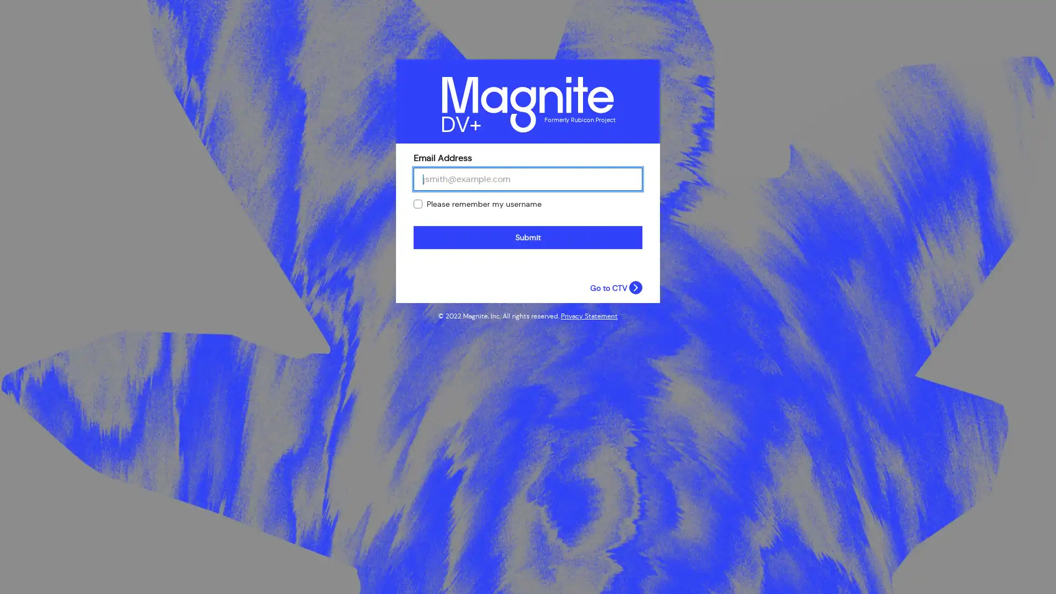  What do you see at coordinates (528, 237) in the screenshot?
I see `Submit` at bounding box center [528, 237].